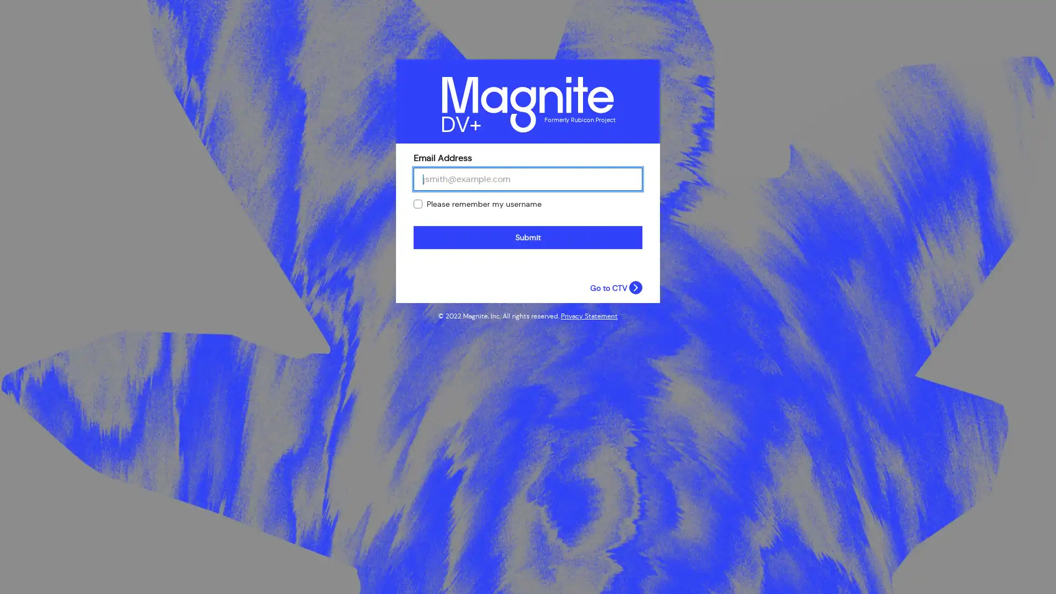  What do you see at coordinates (528, 237) in the screenshot?
I see `Submit` at bounding box center [528, 237].